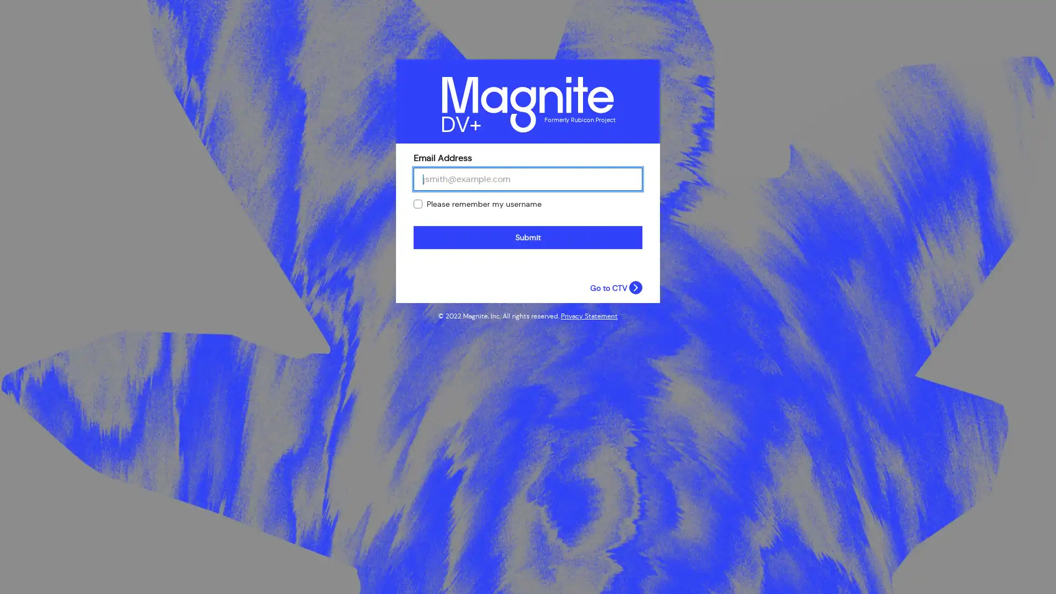  What do you see at coordinates (528, 237) in the screenshot?
I see `Submit` at bounding box center [528, 237].